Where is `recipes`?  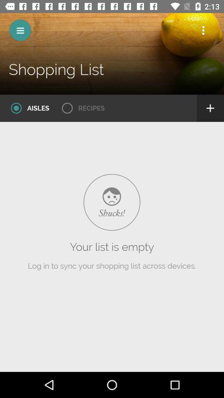 recipes is located at coordinates (80, 108).